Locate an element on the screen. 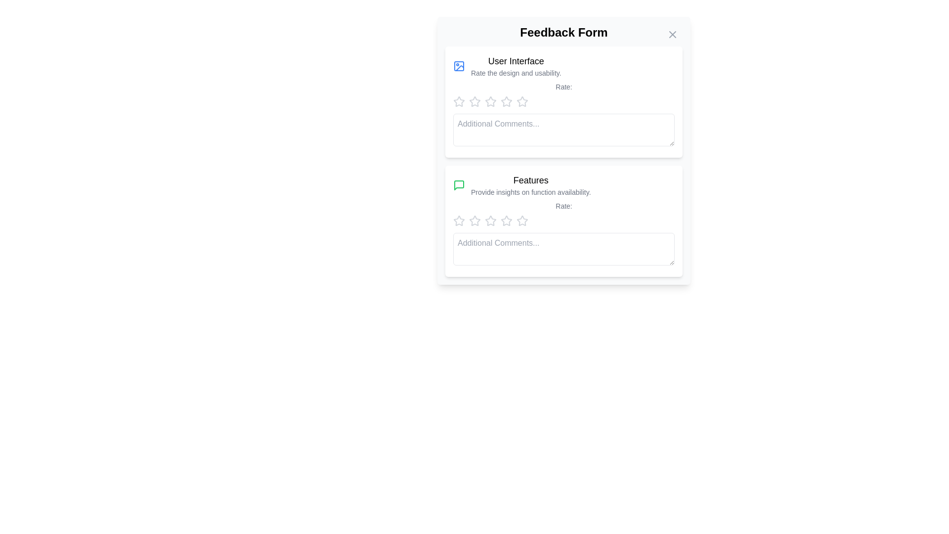 The height and width of the screenshot is (534, 949). the Text Label that serves as a heading for the subsection, positioned to the right of a green icon and above a descriptive text starting with 'Provide insights...' is located at coordinates (530, 180).